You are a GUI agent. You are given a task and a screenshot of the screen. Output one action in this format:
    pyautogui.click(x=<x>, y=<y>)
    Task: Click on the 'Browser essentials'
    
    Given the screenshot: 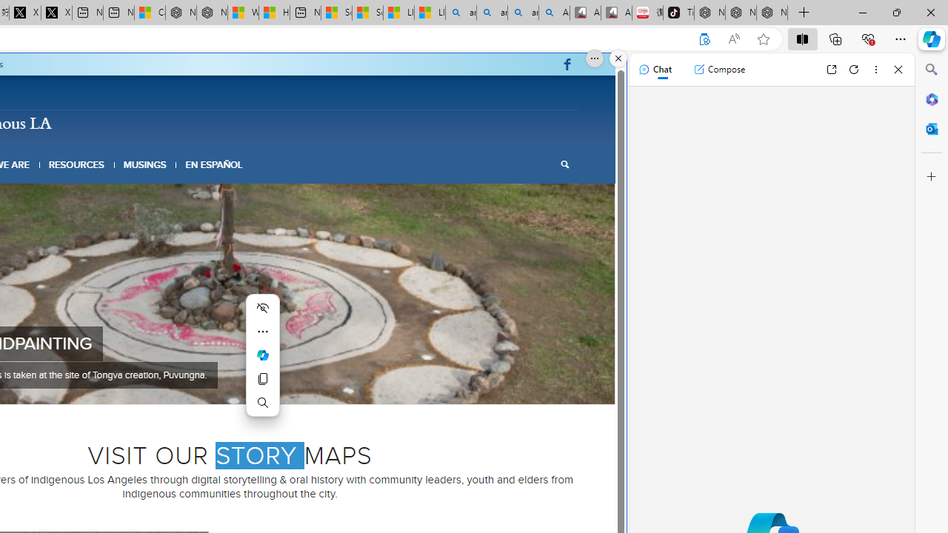 What is the action you would take?
    pyautogui.click(x=867, y=38)
    